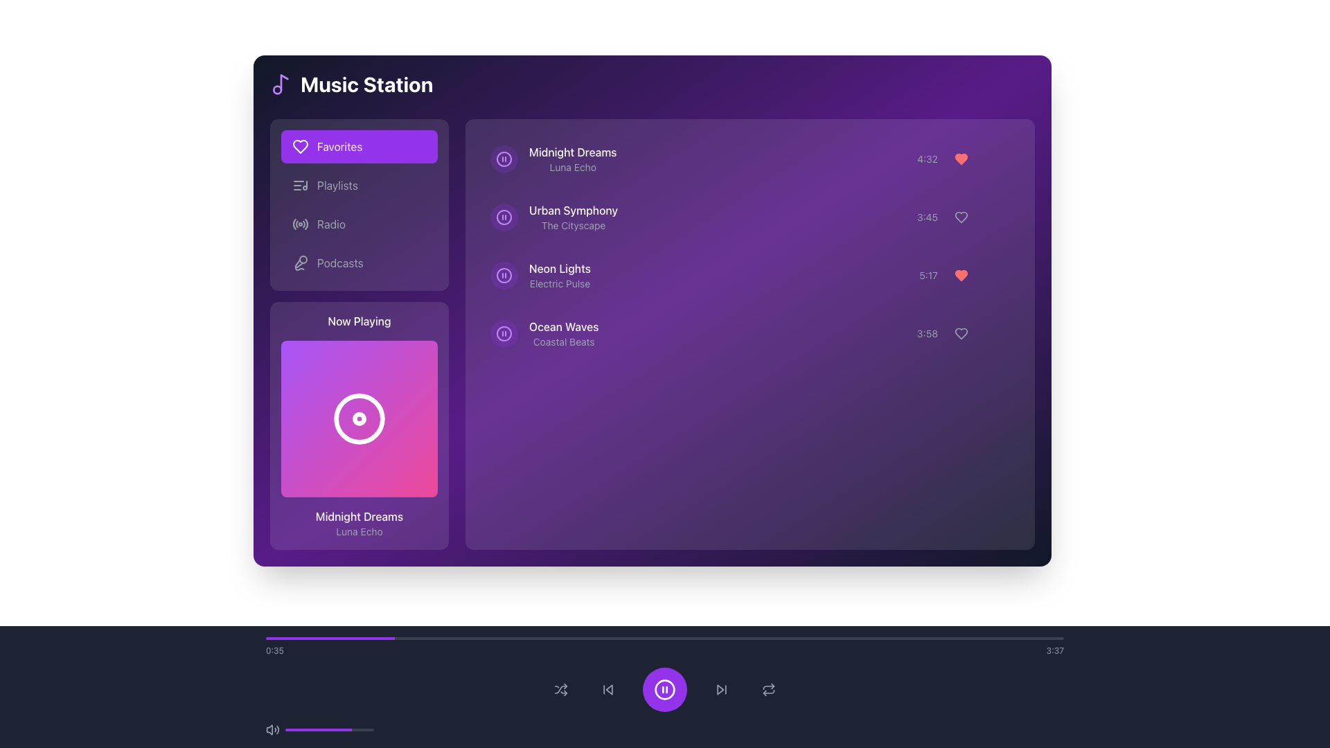 This screenshot has width=1330, height=748. I want to click on the favorite button icon located to the far right of the 'Neon Lights' song entry, which is the third item in the column of icons adjacent to song durations, so click(960, 275).